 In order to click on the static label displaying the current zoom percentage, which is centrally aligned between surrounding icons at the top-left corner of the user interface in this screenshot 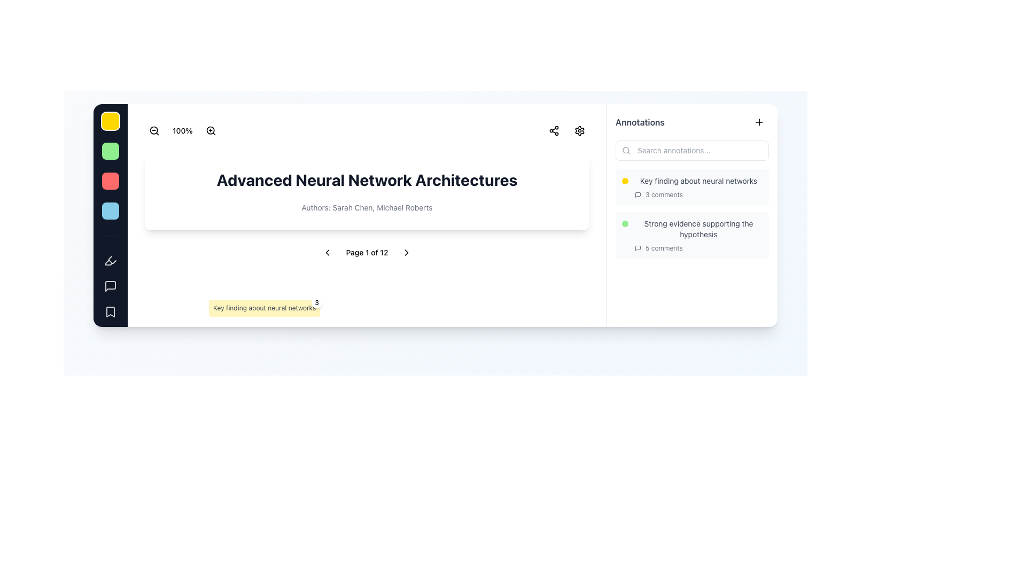, I will do `click(182, 130)`.